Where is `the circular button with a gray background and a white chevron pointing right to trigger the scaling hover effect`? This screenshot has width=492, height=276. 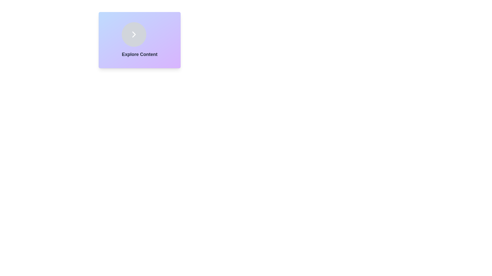
the circular button with a gray background and a white chevron pointing right to trigger the scaling hover effect is located at coordinates (134, 34).